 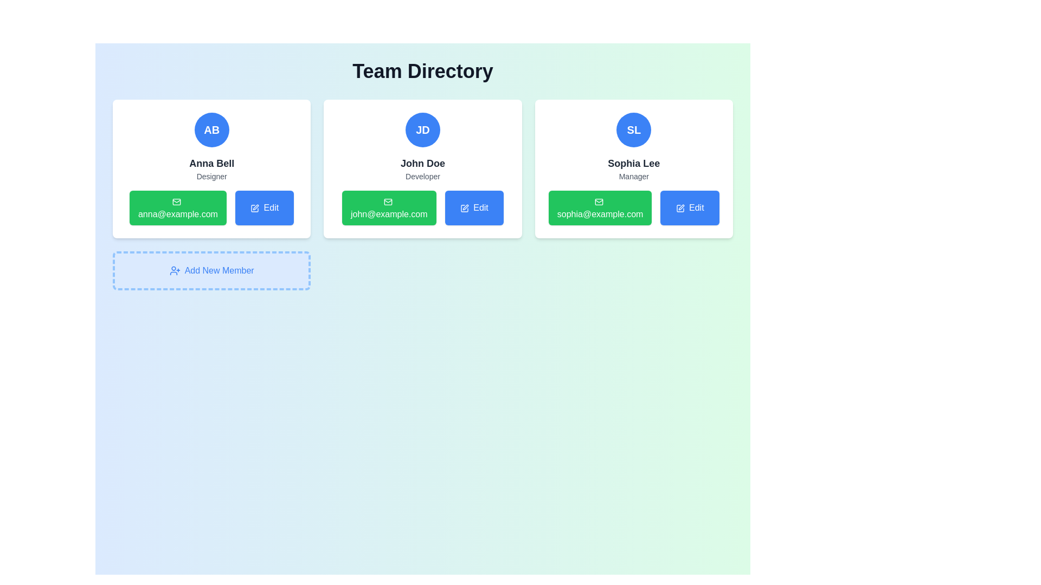 What do you see at coordinates (175, 270) in the screenshot?
I see `the user icon with a plus sign, styled with blue outlines, located to the left of the 'Add New Member' text` at bounding box center [175, 270].